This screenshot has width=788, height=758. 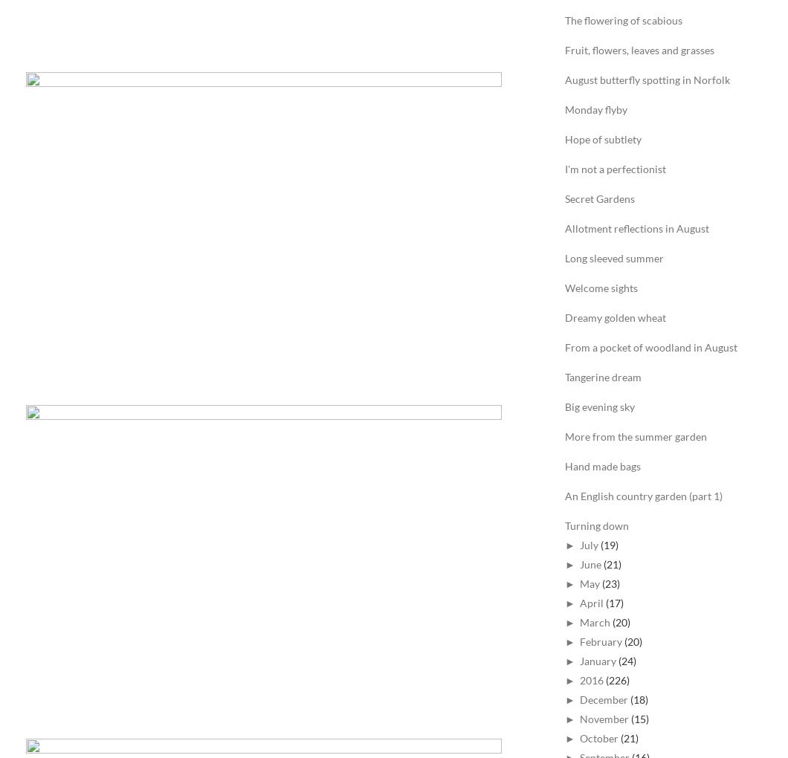 I want to click on 'Fruit, flowers, leaves and grasses', so click(x=639, y=50).